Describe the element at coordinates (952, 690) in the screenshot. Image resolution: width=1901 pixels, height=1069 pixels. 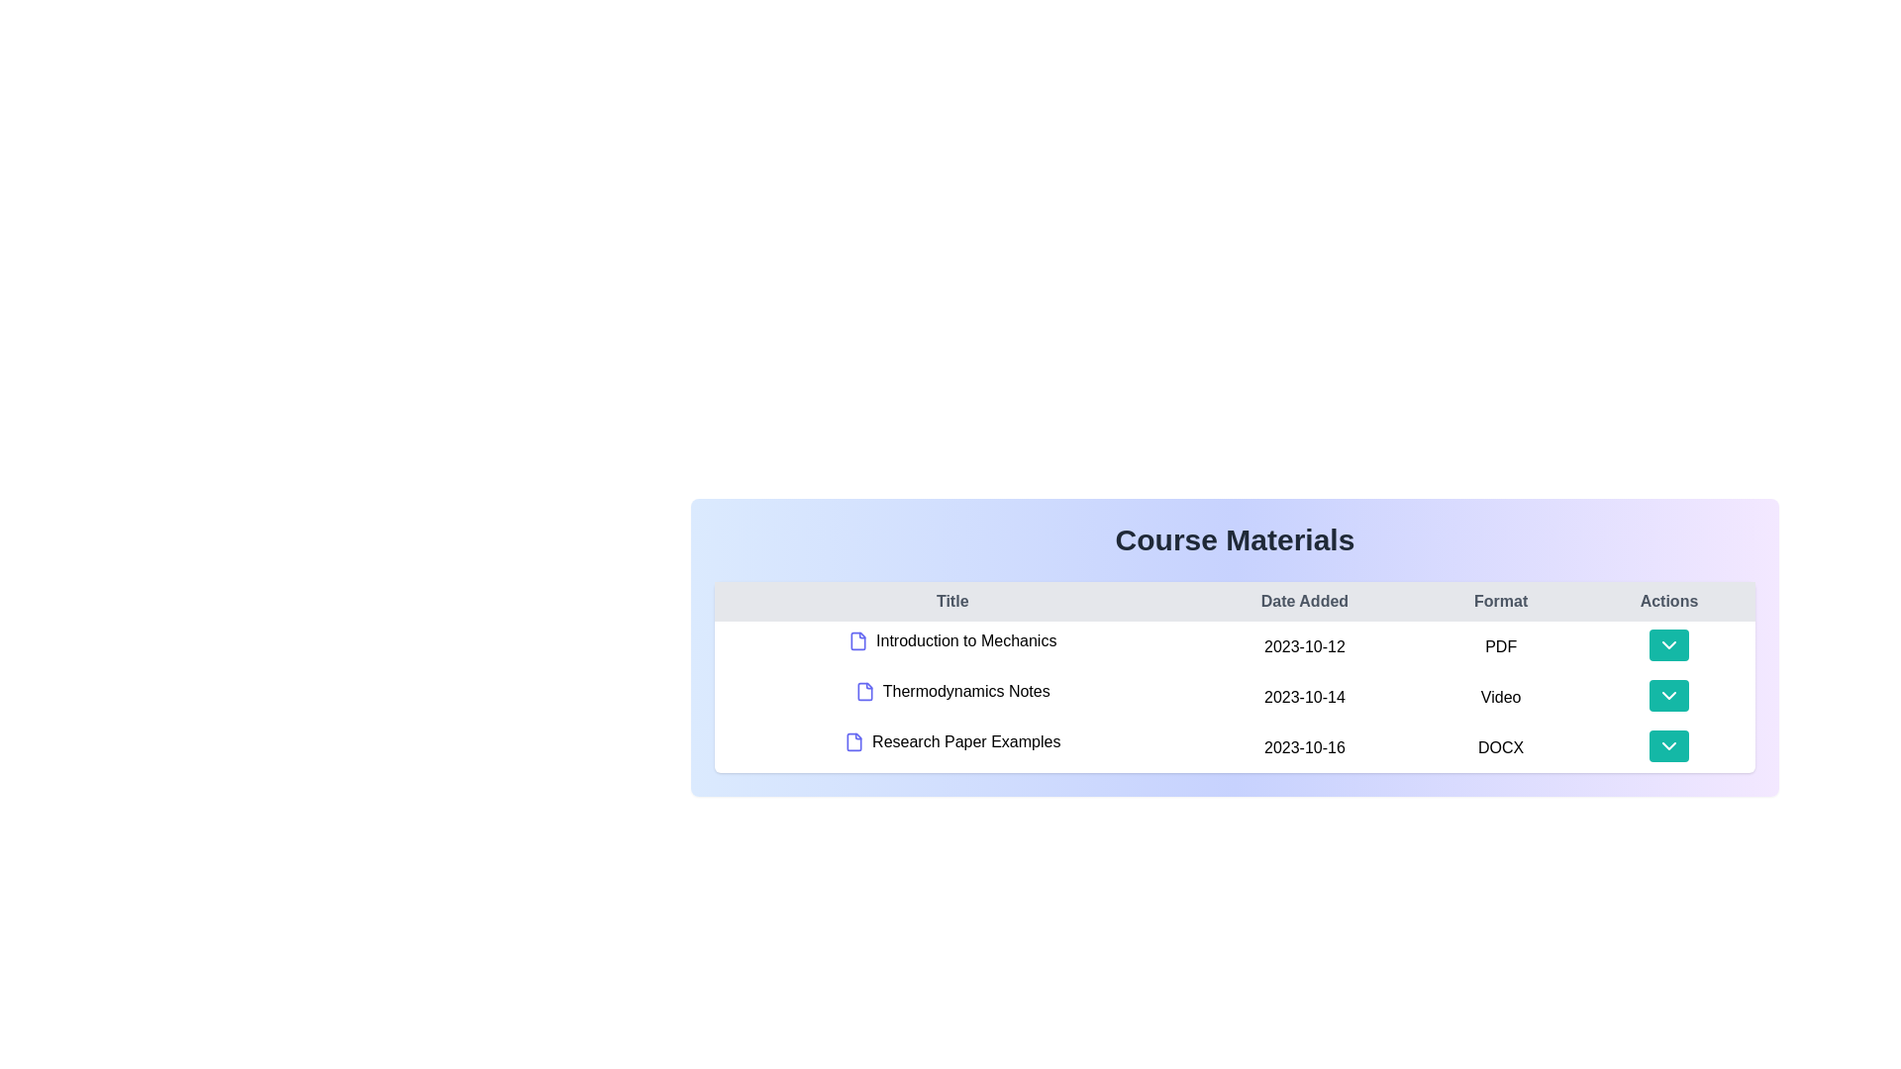
I see `the list item labeled 'Thermodynamics Notes'` at that location.